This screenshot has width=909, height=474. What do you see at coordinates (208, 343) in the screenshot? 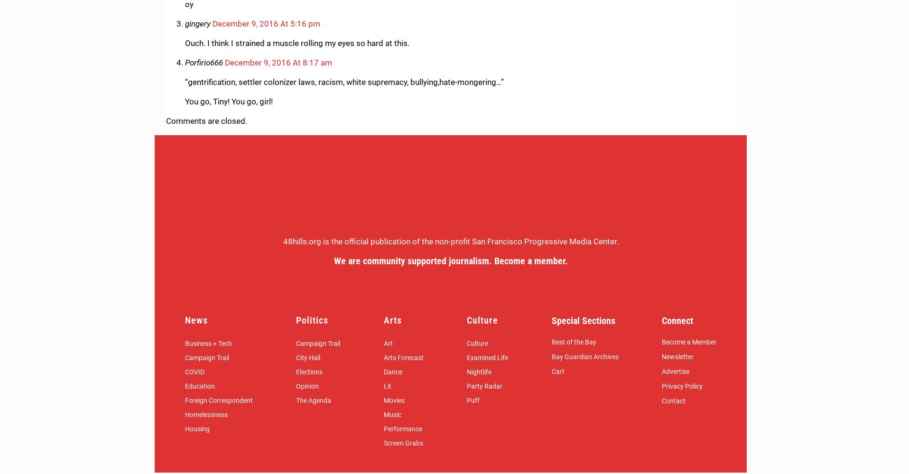
I see `'Business + Tech'` at bounding box center [208, 343].